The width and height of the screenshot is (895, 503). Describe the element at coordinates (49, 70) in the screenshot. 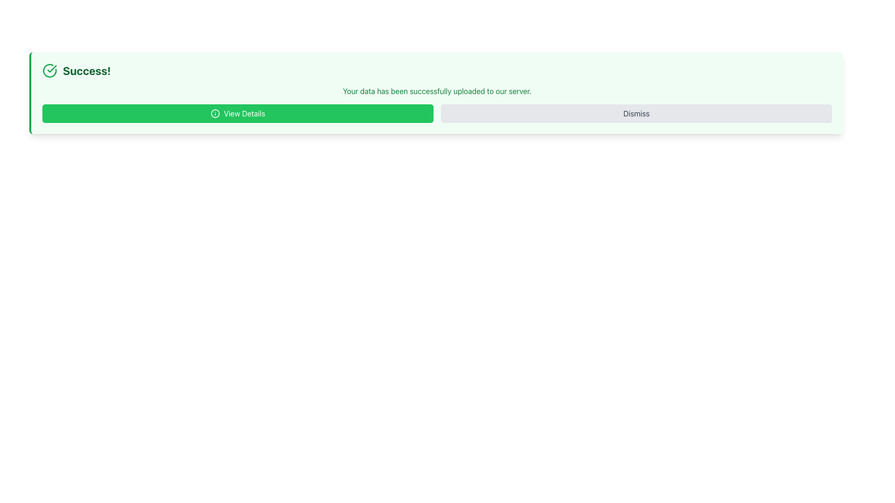

I see `the status indication icon located to the left of the text 'Success!' within the central success message box` at that location.